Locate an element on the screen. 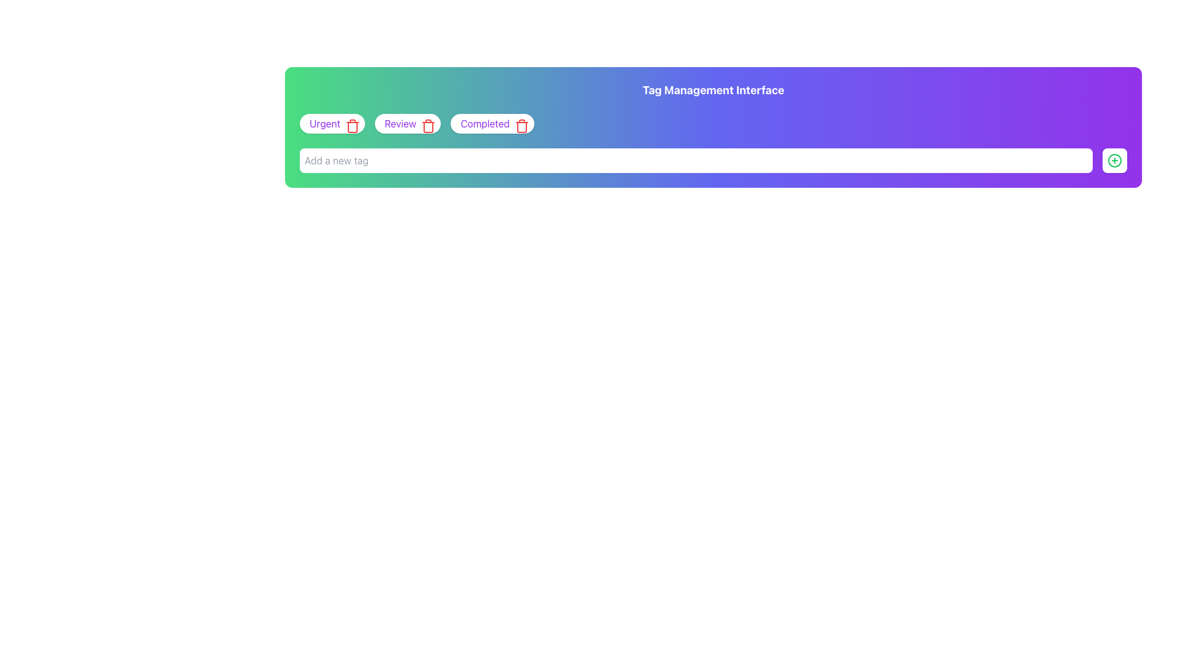 The width and height of the screenshot is (1182, 665). the Icon button next to the 'Review' tag is located at coordinates (426, 123).